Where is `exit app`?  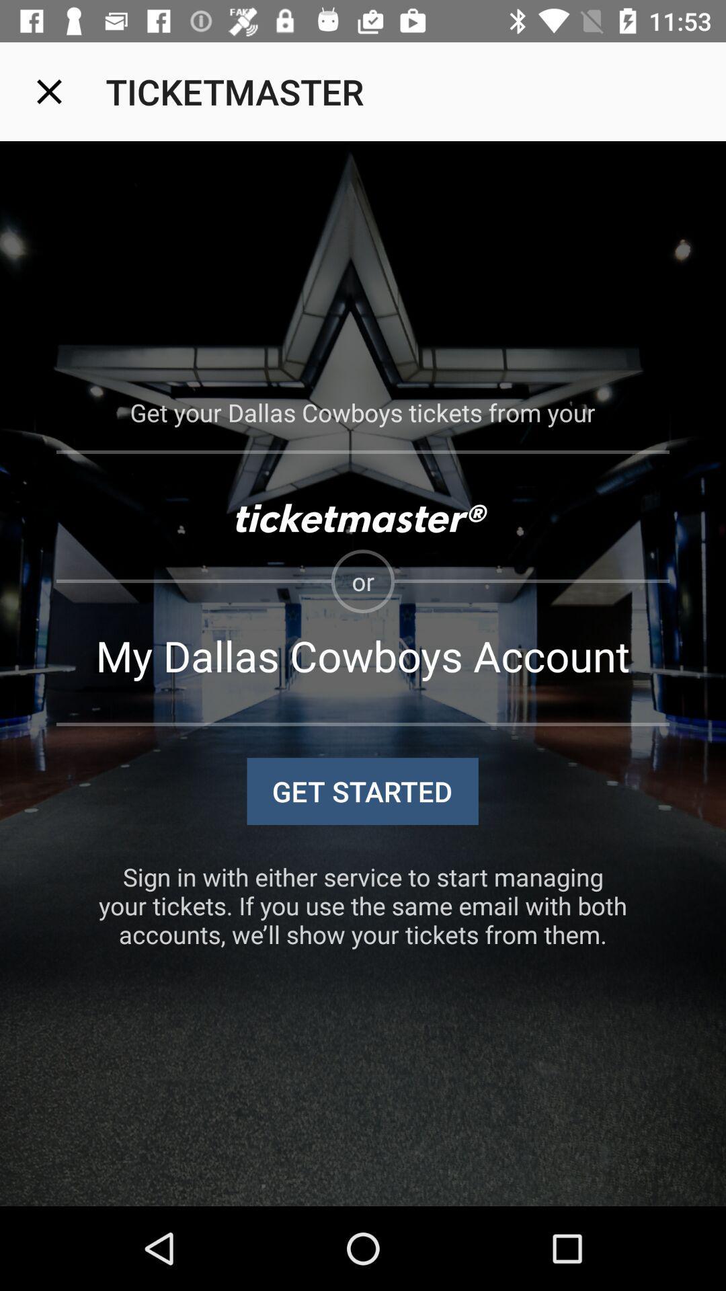
exit app is located at coordinates (48, 91).